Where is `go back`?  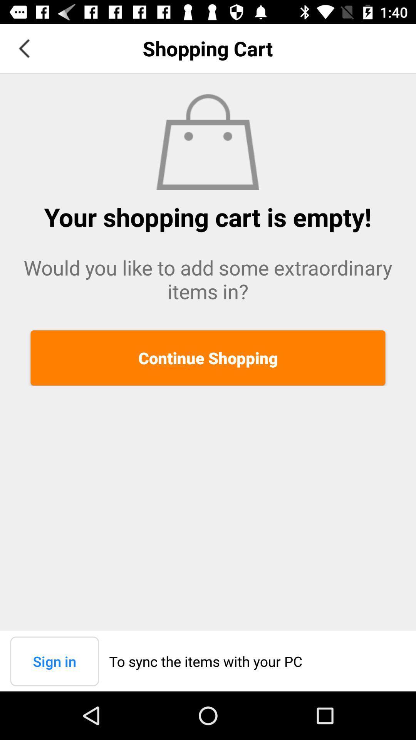
go back is located at coordinates (23, 48).